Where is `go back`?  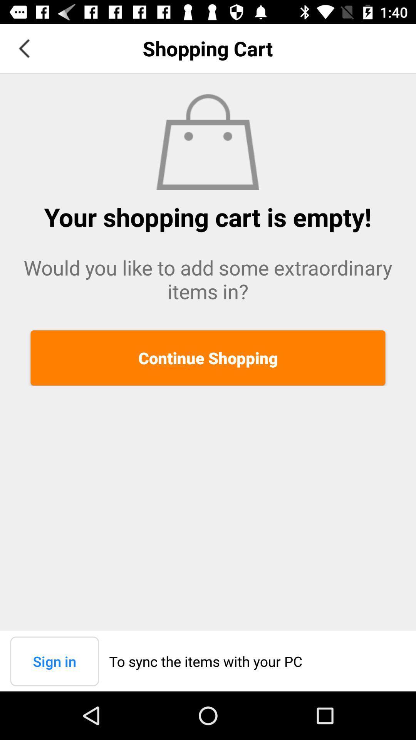
go back is located at coordinates (23, 48).